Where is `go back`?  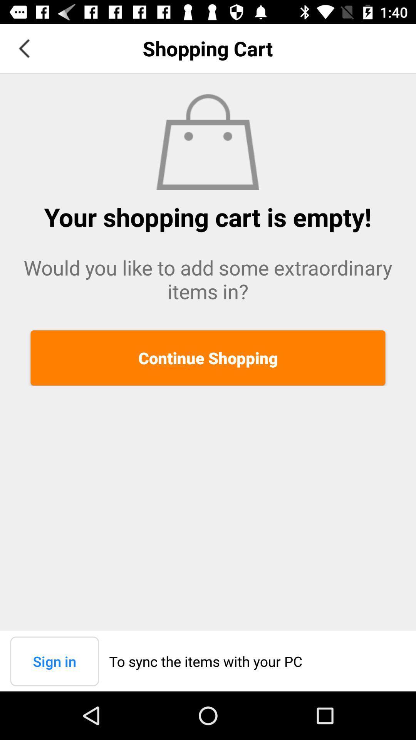
go back is located at coordinates (23, 48).